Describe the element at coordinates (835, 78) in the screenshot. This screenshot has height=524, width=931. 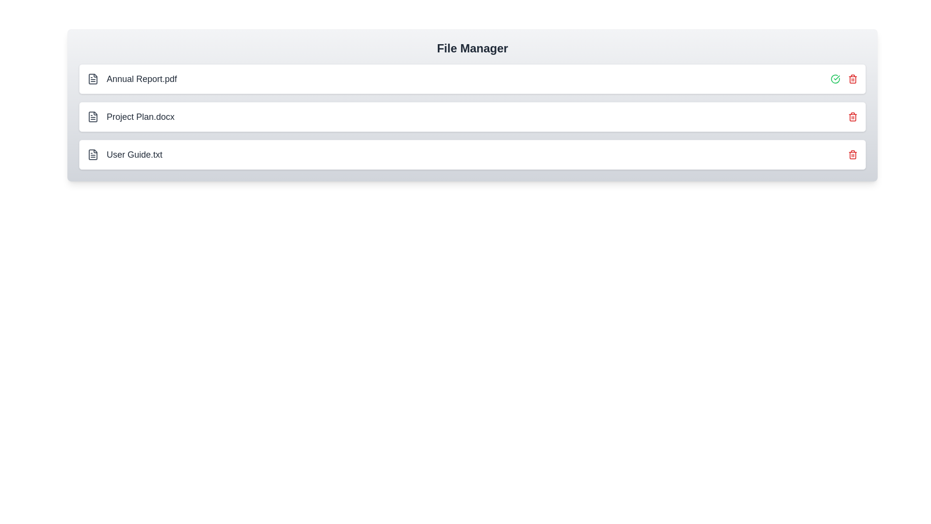
I see `the circular green icon with a checkmark inside, located in the rightmost section of the interface, adjacent to the file name in the first row of the file listing` at that location.